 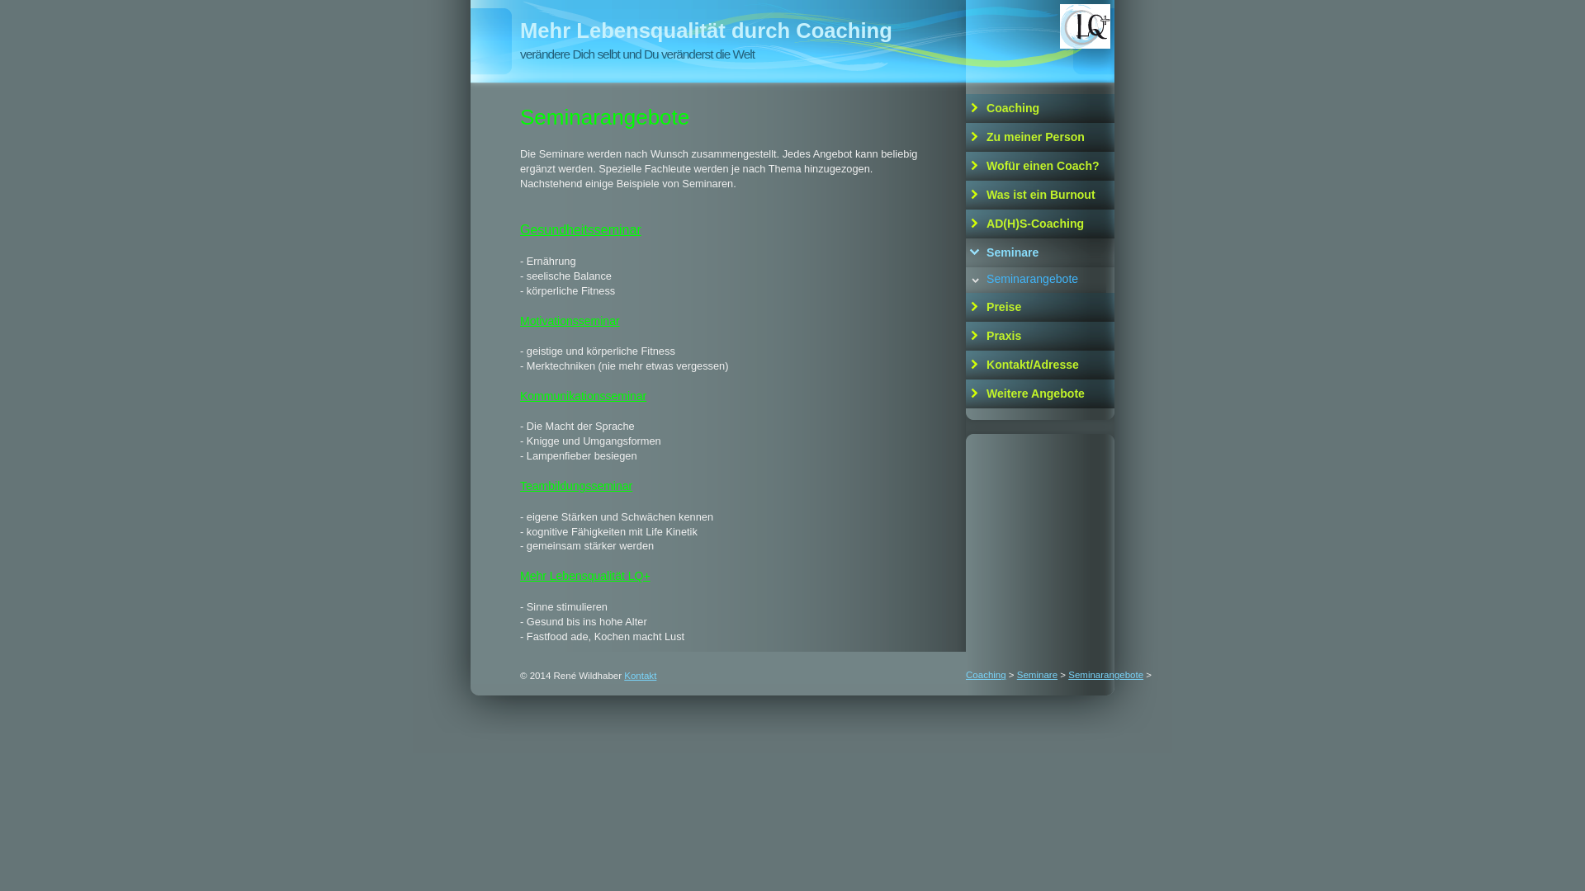 What do you see at coordinates (622, 675) in the screenshot?
I see `'Kontakt'` at bounding box center [622, 675].